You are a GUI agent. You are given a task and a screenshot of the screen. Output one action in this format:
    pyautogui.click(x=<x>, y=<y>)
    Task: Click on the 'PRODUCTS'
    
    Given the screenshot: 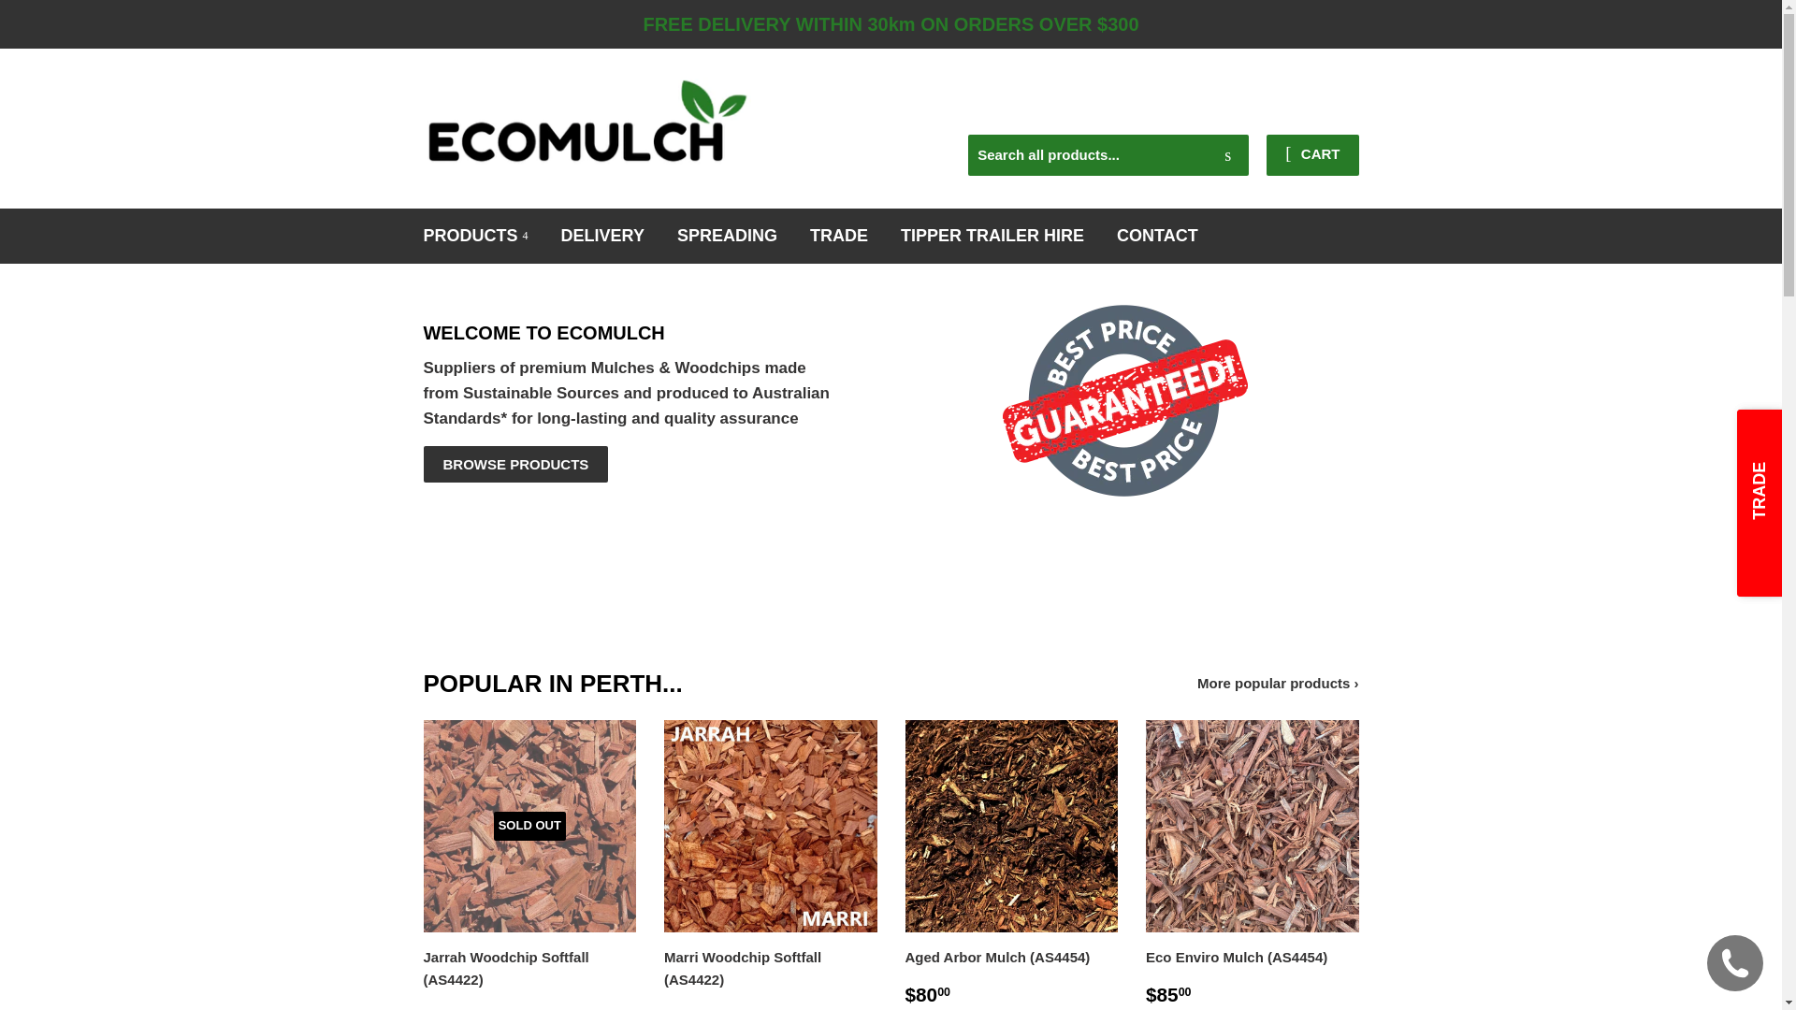 What is the action you would take?
    pyautogui.click(x=408, y=235)
    